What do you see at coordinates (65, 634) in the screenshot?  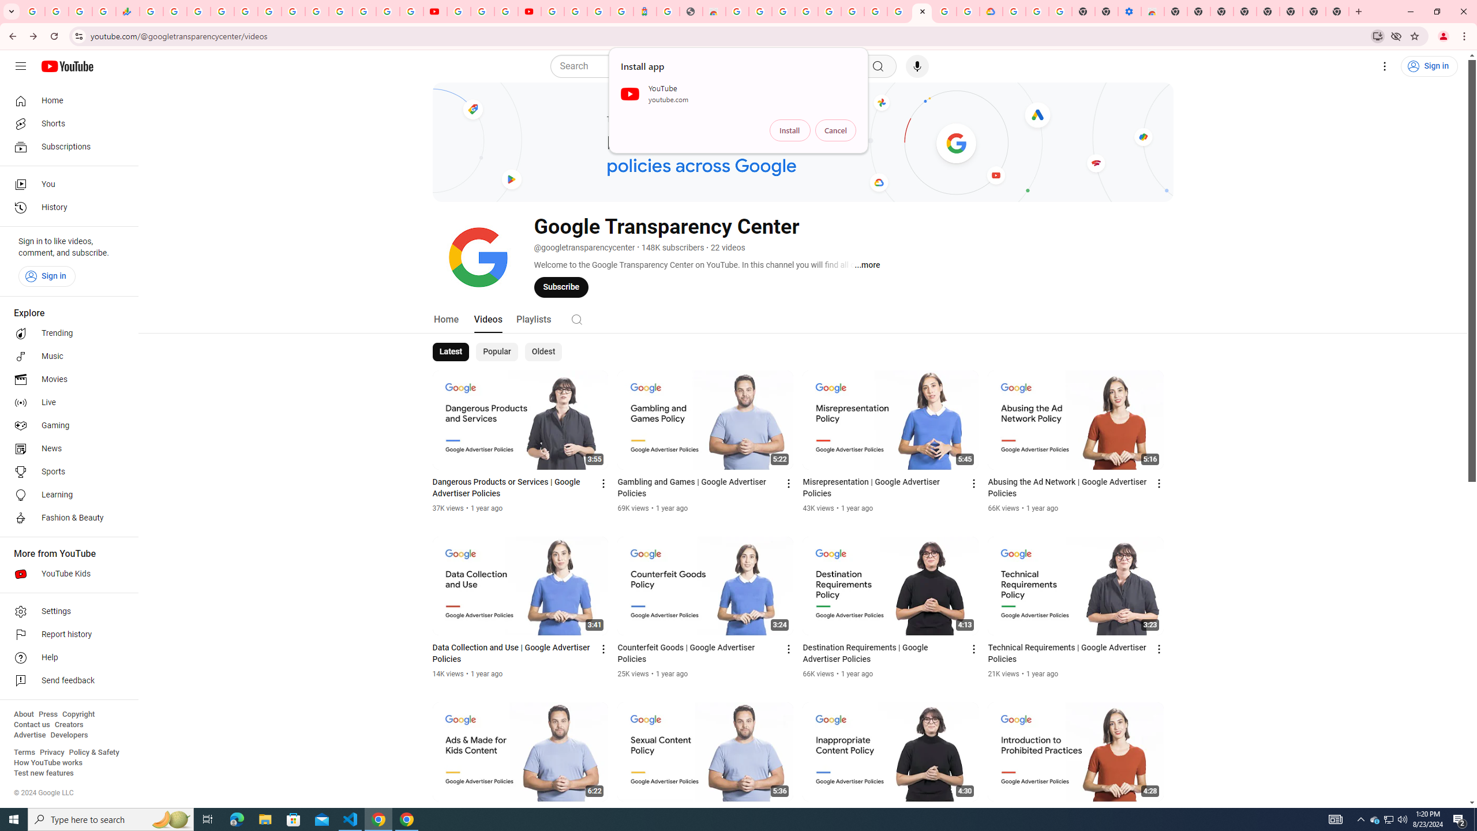 I see `'Report history'` at bounding box center [65, 634].